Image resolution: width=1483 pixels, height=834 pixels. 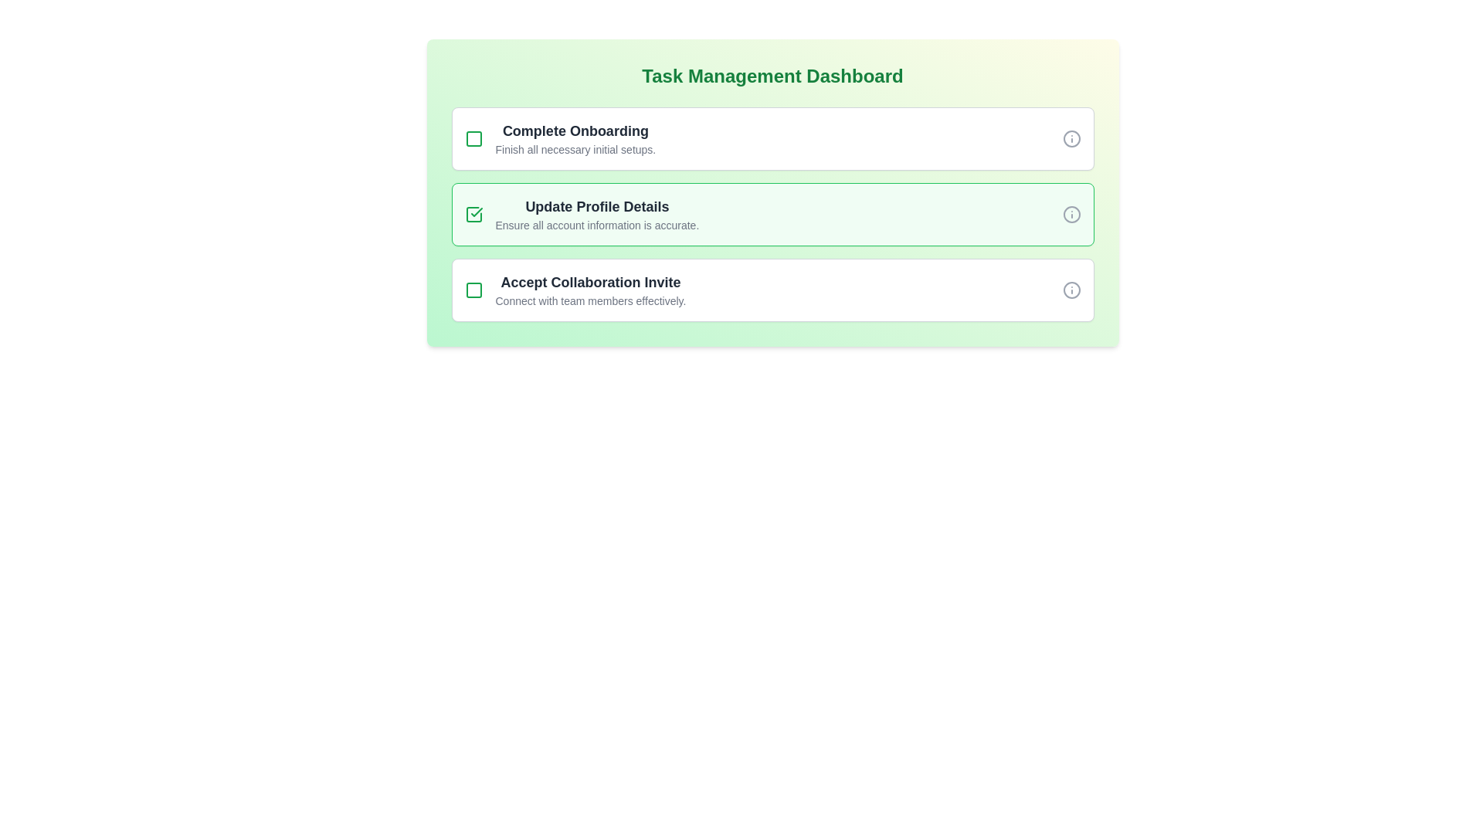 I want to click on the static text providing guidance for the 'Complete Onboarding' task, located under its title in the task list, so click(x=575, y=149).